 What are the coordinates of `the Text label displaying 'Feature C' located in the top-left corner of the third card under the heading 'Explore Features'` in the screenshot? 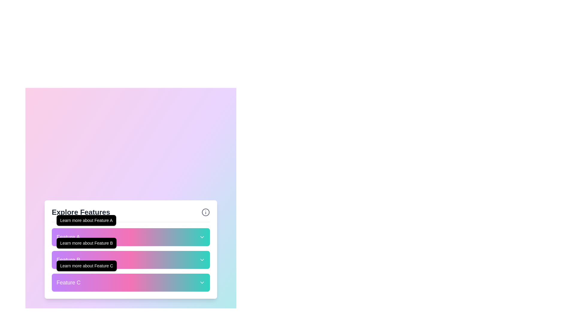 It's located at (69, 282).